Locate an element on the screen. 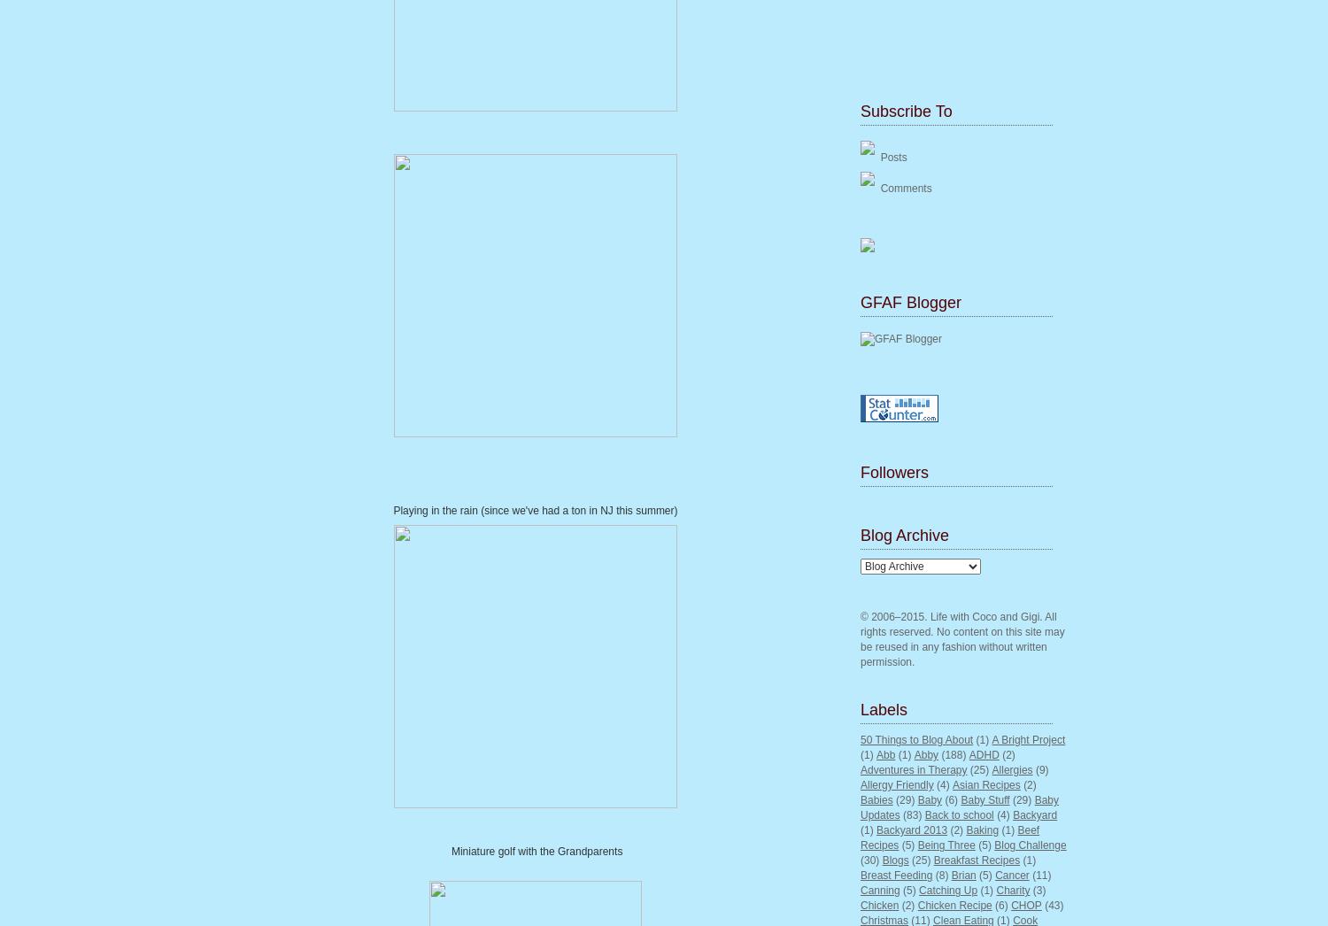  'Babies' is located at coordinates (860, 799).